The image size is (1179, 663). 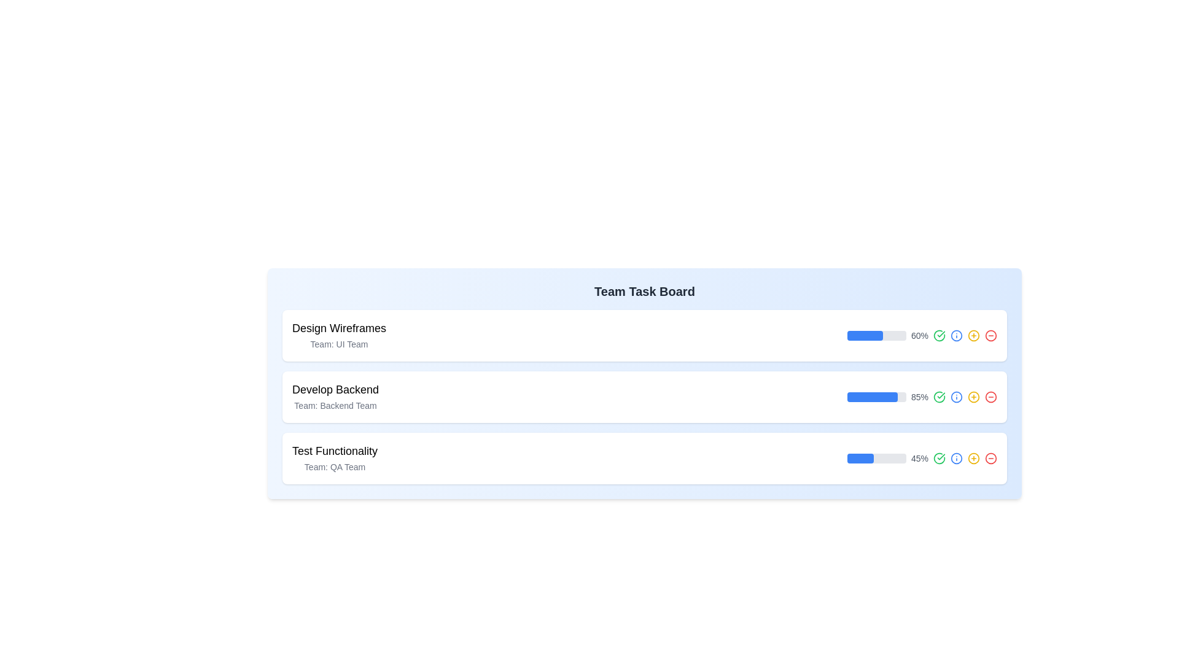 What do you see at coordinates (922, 397) in the screenshot?
I see `the Progress Bar that visually represents the progress of the 'Develop Backend' task` at bounding box center [922, 397].